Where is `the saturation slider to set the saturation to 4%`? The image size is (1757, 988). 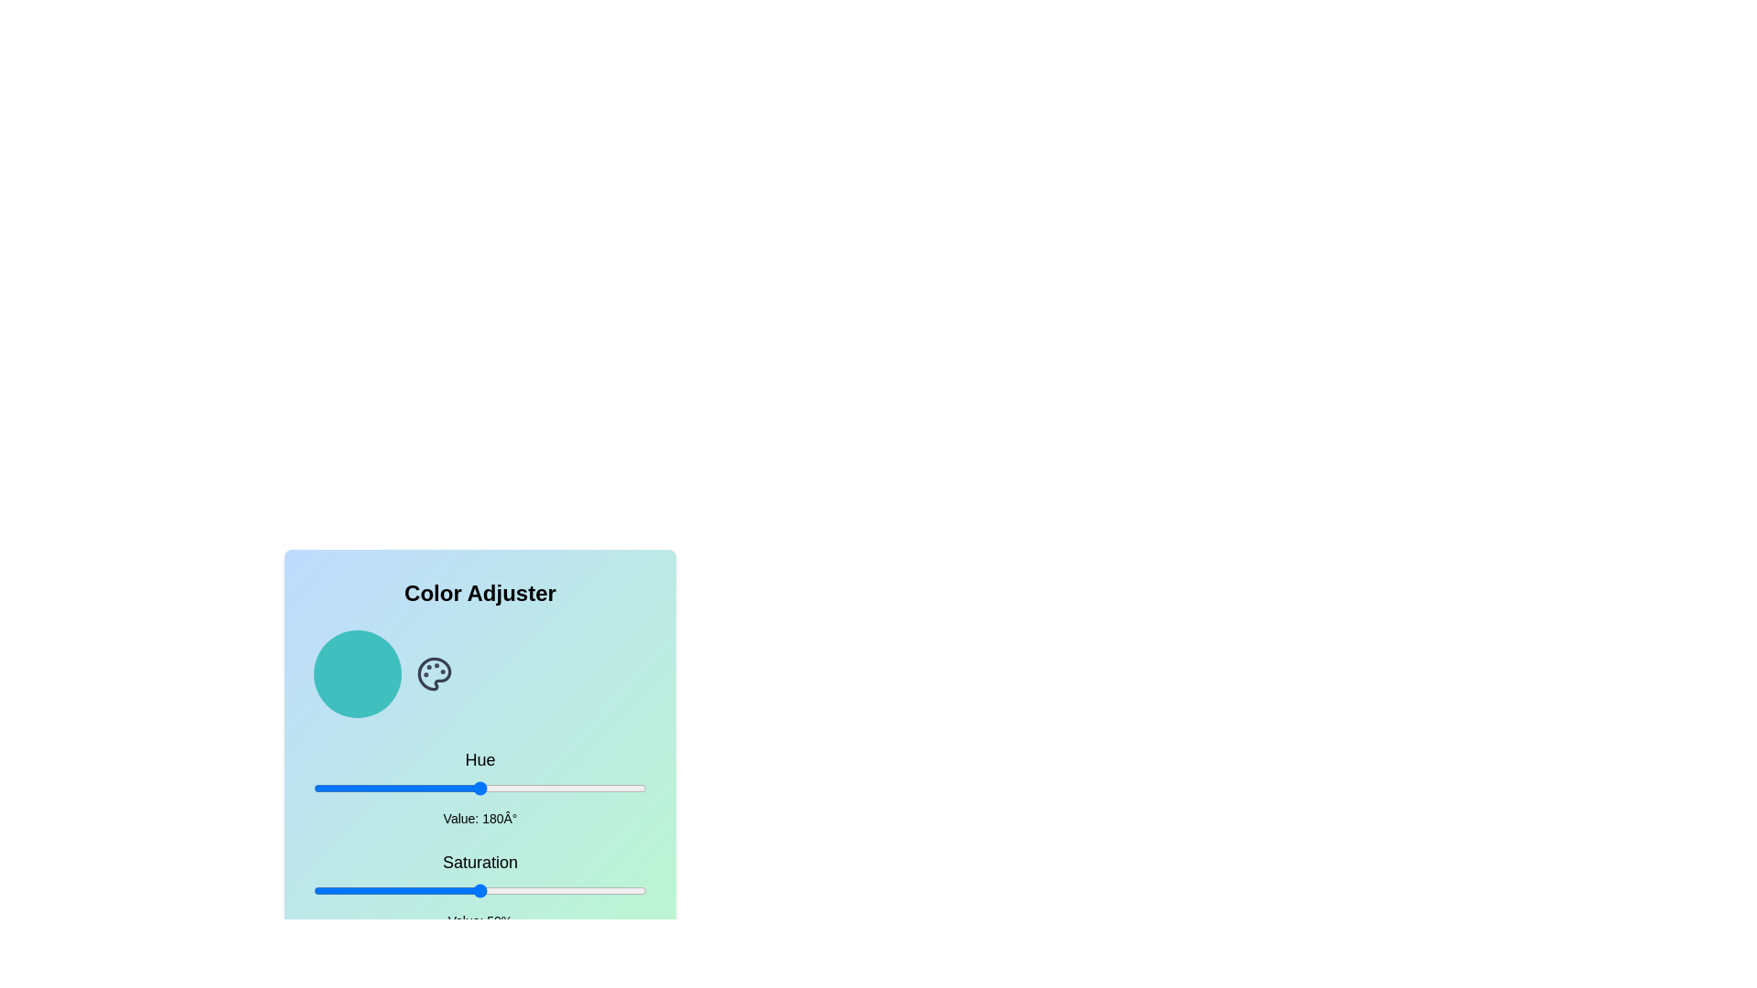 the saturation slider to set the saturation to 4% is located at coordinates (327, 890).